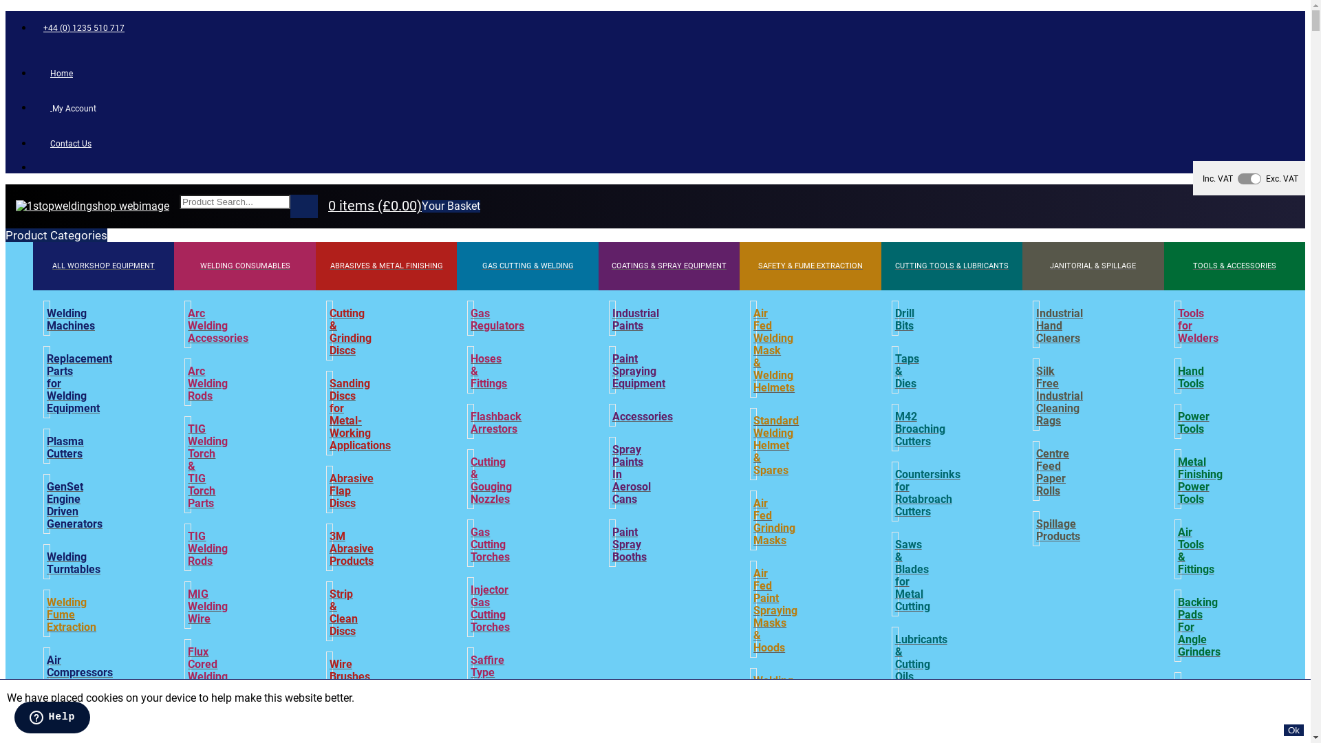 The width and height of the screenshot is (1321, 743). What do you see at coordinates (1235, 266) in the screenshot?
I see `'TOOLS & ACCESSORIES'` at bounding box center [1235, 266].